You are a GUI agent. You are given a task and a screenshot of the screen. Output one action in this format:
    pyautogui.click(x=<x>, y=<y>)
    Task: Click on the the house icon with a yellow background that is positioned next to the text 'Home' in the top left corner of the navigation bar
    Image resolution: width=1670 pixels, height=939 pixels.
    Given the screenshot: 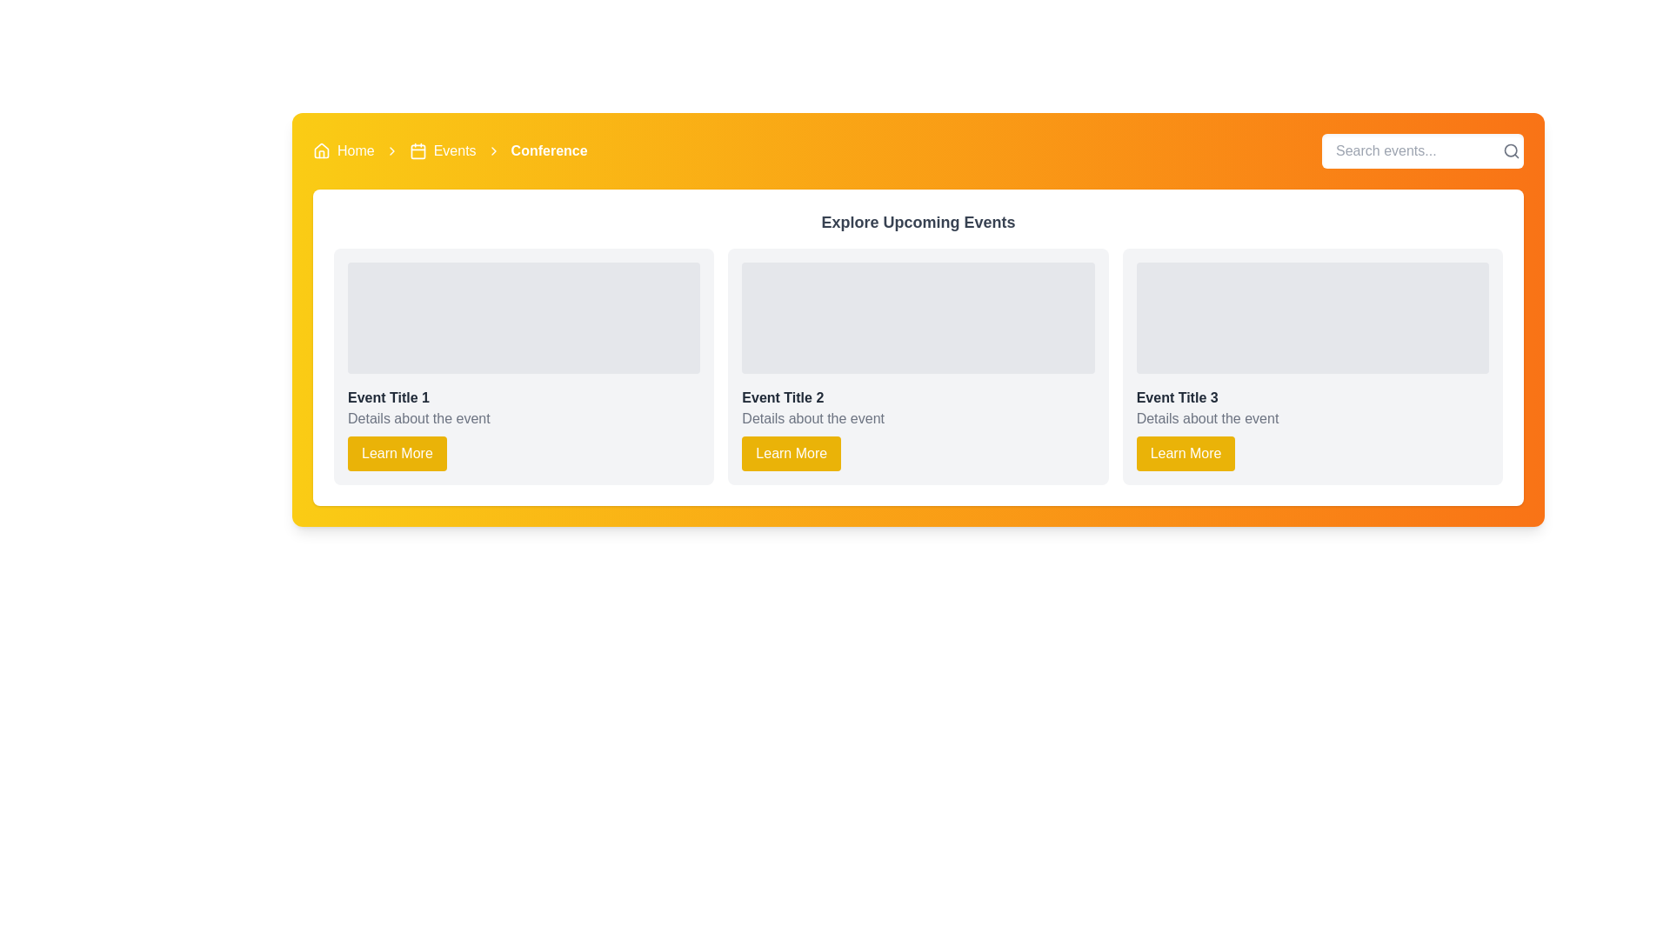 What is the action you would take?
    pyautogui.click(x=321, y=150)
    